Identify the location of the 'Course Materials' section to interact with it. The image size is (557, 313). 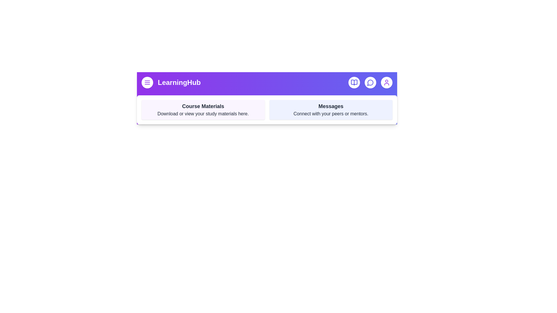
(203, 110).